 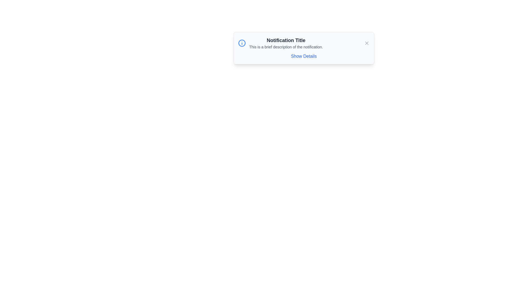 I want to click on the informational icon located to the left of the 'Notification Title' in the notification component, so click(x=242, y=43).